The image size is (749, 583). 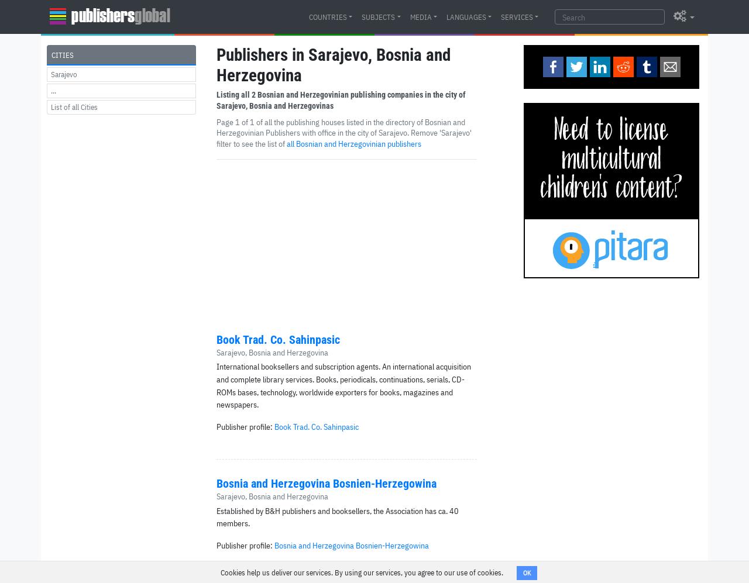 What do you see at coordinates (248, 94) in the screenshot?
I see `'all 2'` at bounding box center [248, 94].